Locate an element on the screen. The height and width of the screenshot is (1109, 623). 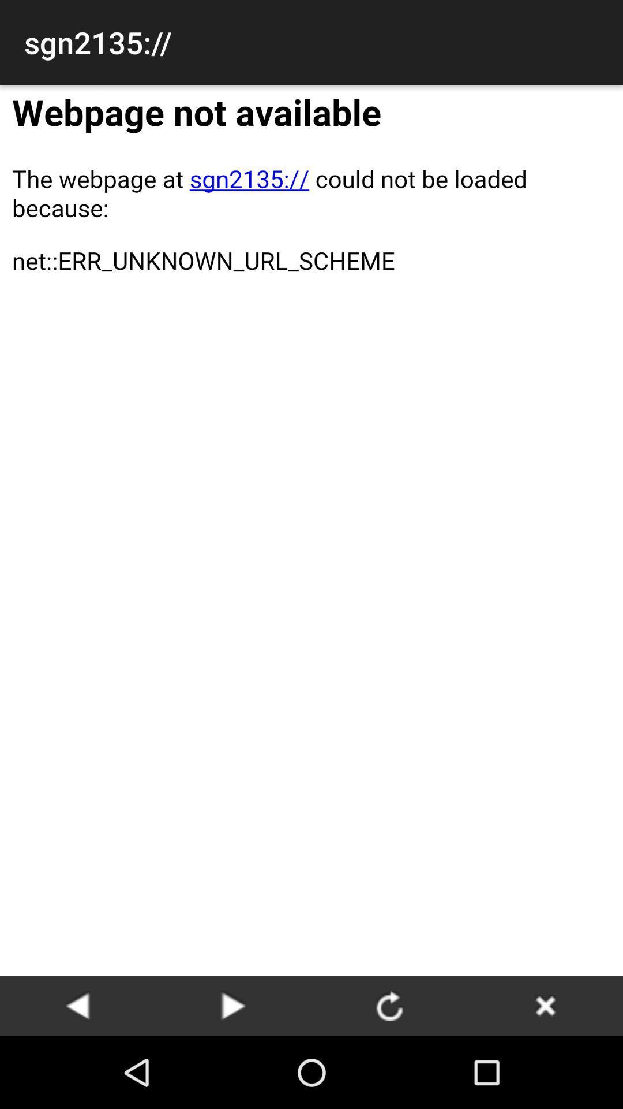
reload is located at coordinates (389, 1005).